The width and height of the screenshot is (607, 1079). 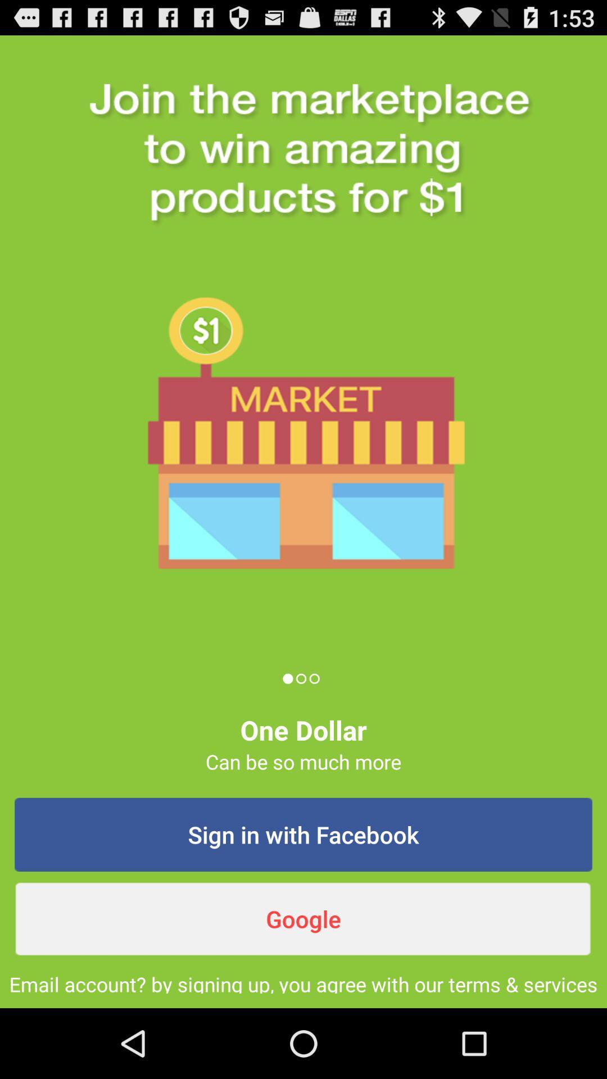 What do you see at coordinates (303, 919) in the screenshot?
I see `google item` at bounding box center [303, 919].